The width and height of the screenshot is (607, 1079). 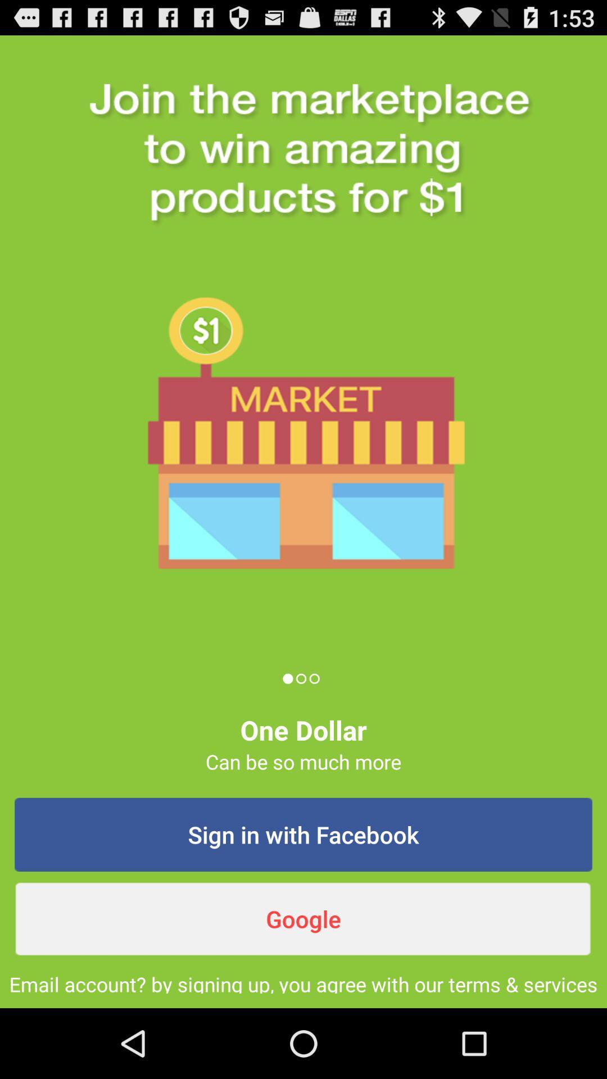 What do you see at coordinates (303, 919) in the screenshot?
I see `google item` at bounding box center [303, 919].